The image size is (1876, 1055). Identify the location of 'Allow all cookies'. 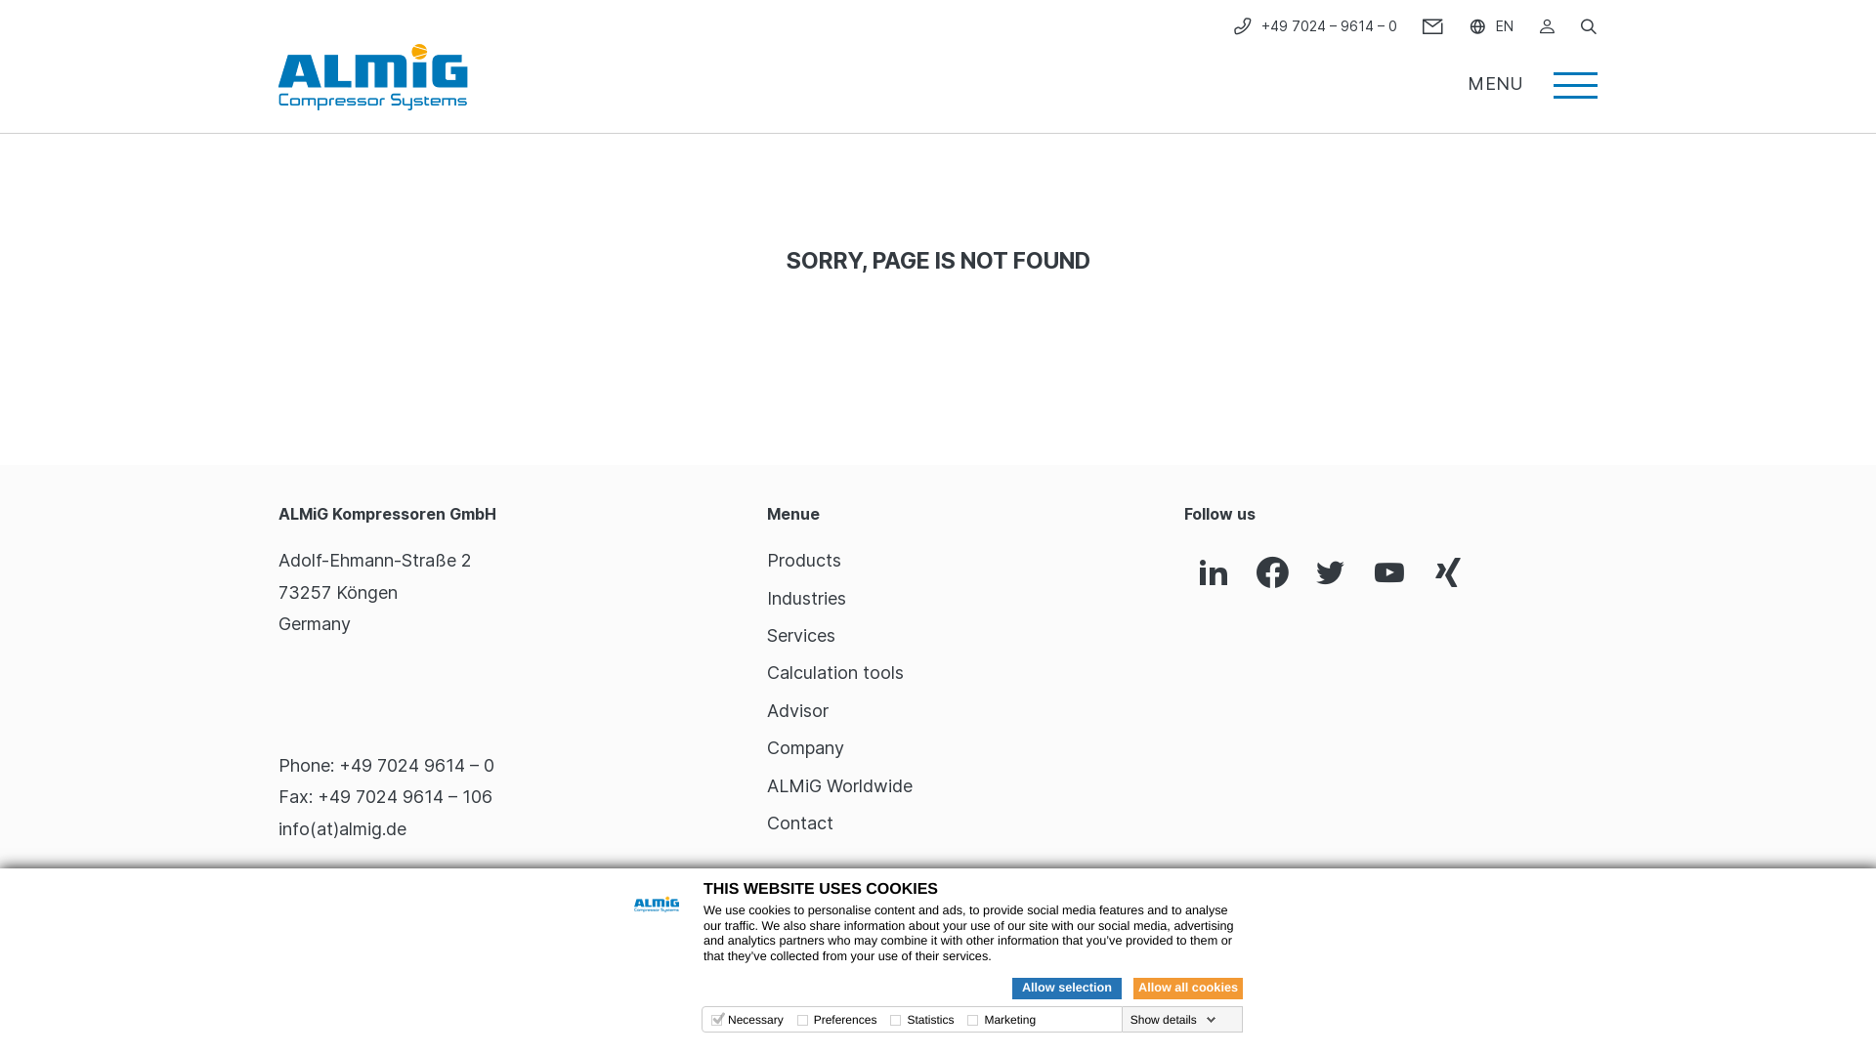
(1186, 988).